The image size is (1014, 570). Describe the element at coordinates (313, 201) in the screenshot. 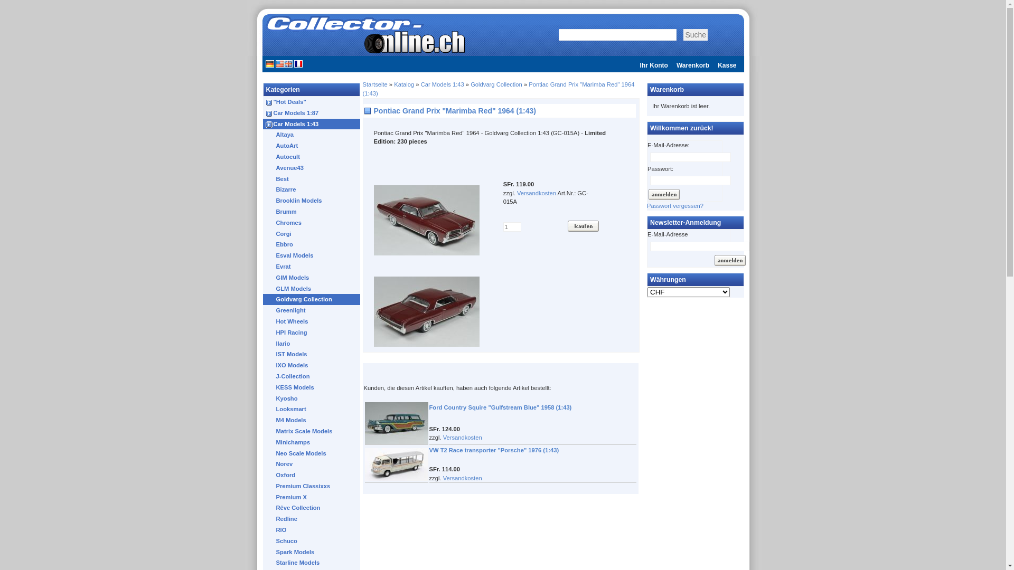

I see `'Brooklin Models'` at that location.